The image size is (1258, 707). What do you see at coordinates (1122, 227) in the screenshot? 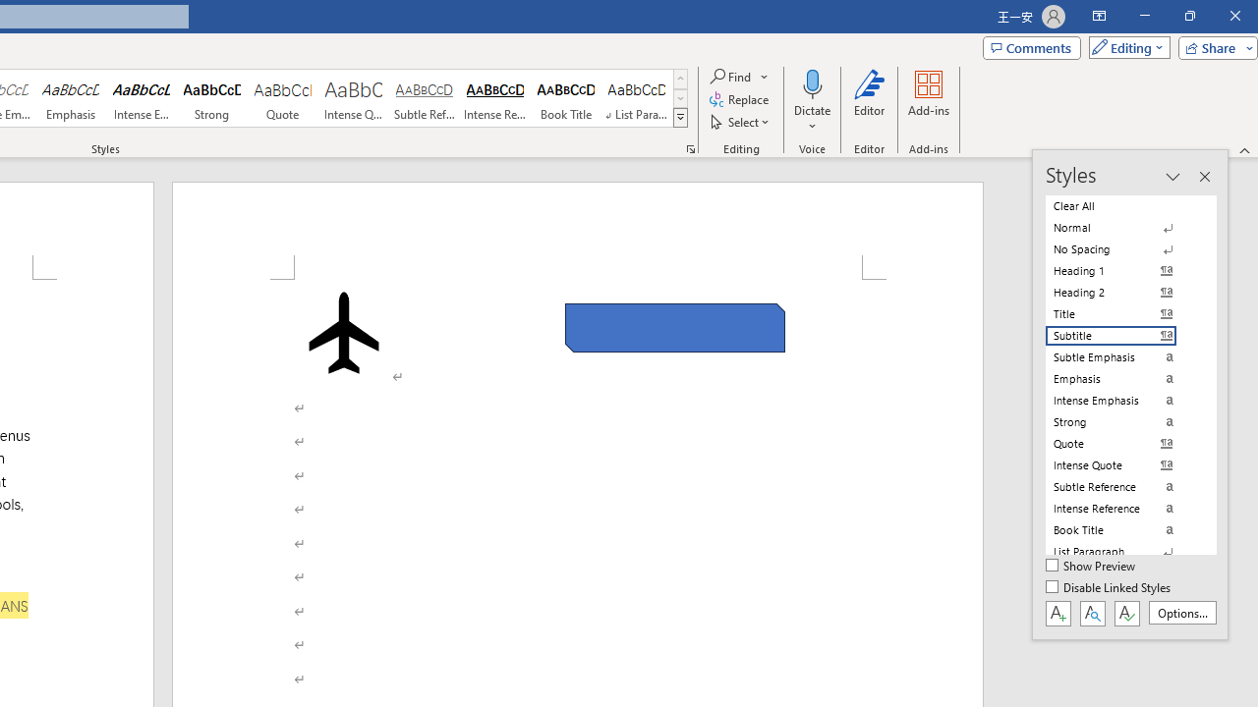
I see `'Normal'` at bounding box center [1122, 227].